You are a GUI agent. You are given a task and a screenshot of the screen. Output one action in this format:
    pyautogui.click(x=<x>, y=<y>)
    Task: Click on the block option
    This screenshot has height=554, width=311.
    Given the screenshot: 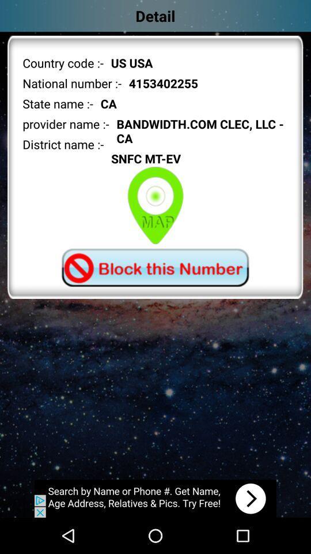 What is the action you would take?
    pyautogui.click(x=155, y=267)
    